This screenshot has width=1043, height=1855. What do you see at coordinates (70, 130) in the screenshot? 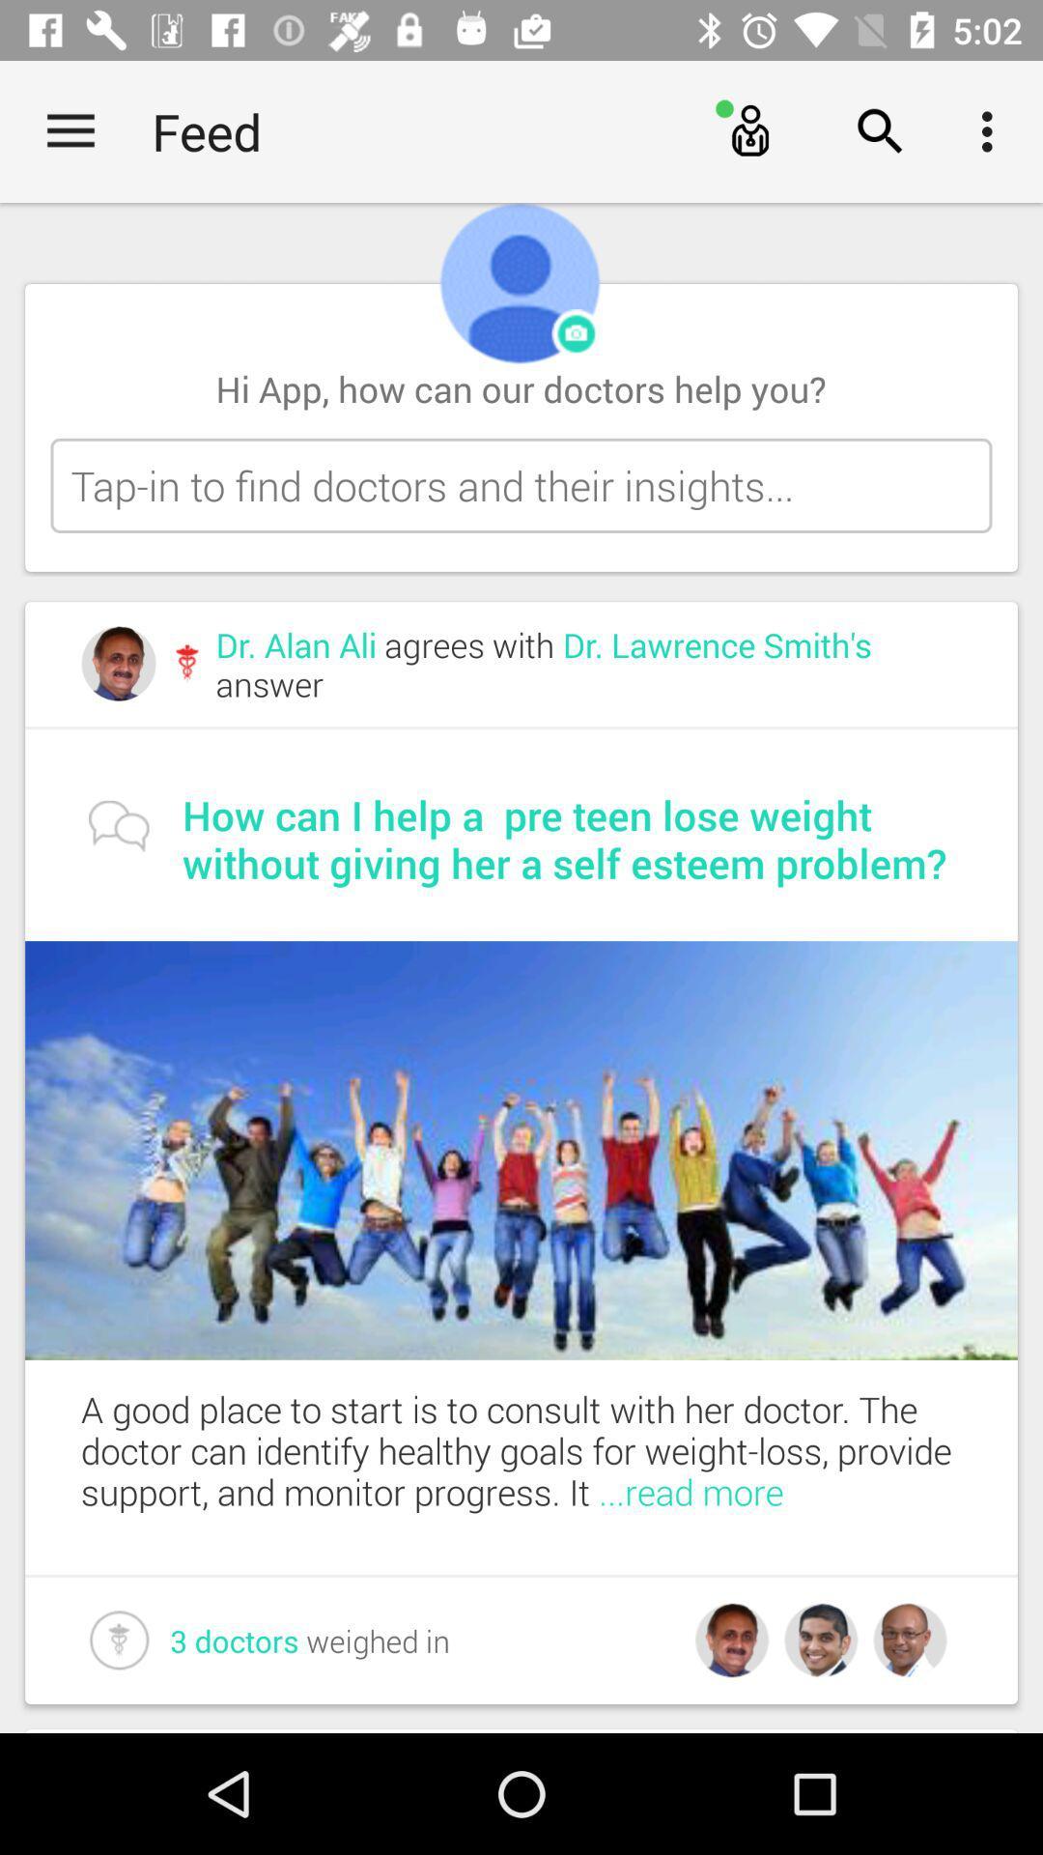
I see `app to the left of the feed app` at bounding box center [70, 130].